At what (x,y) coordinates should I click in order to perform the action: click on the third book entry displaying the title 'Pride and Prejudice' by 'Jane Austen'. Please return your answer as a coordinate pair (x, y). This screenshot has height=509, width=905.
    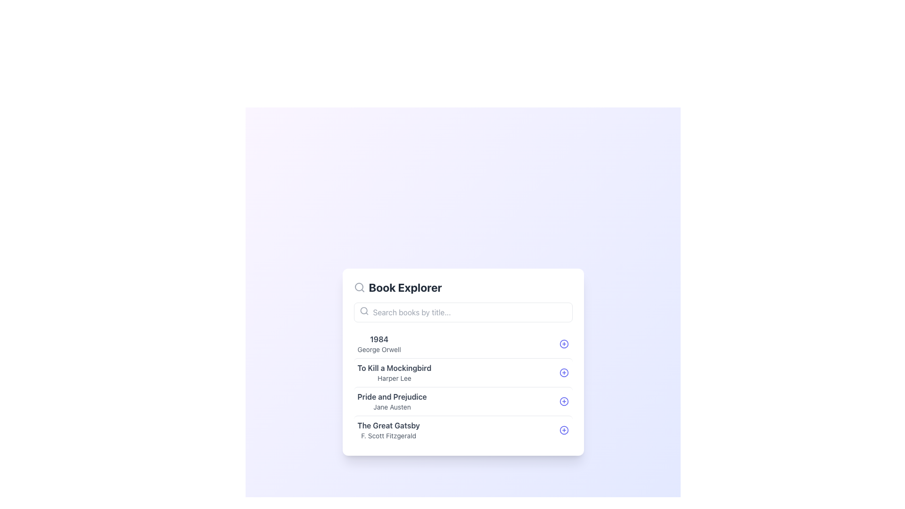
    Looking at the image, I should click on (463, 401).